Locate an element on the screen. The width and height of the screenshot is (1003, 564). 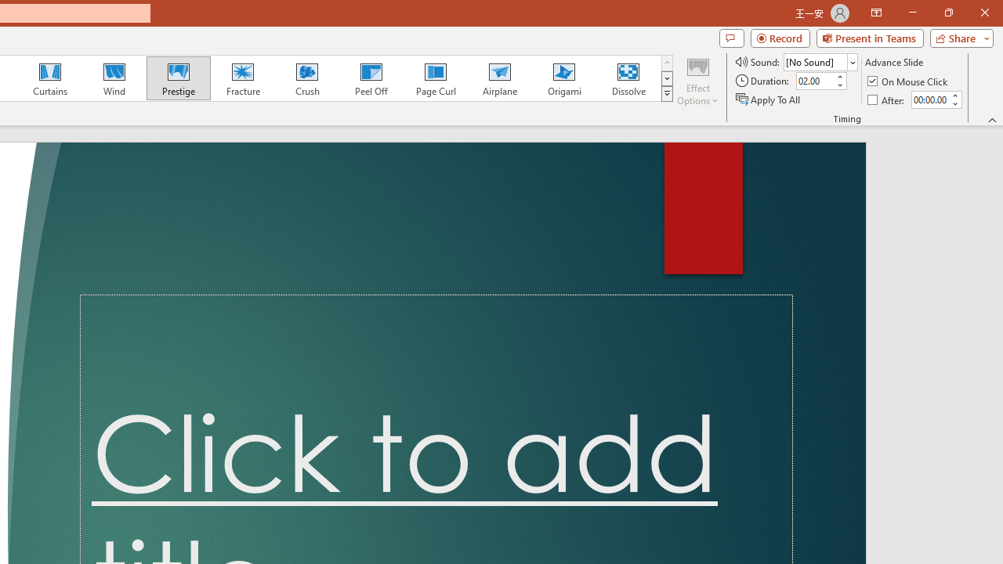
'Prestige' is located at coordinates (178, 78).